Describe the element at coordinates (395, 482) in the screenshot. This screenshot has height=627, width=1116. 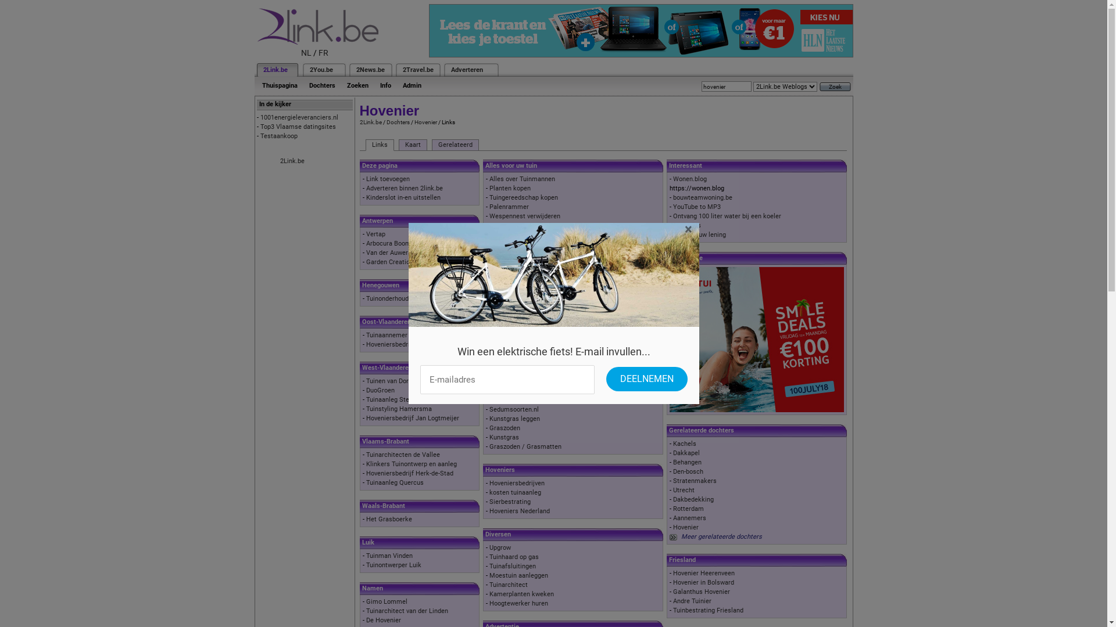
I see `'Tuinaanleg Quercus'` at that location.